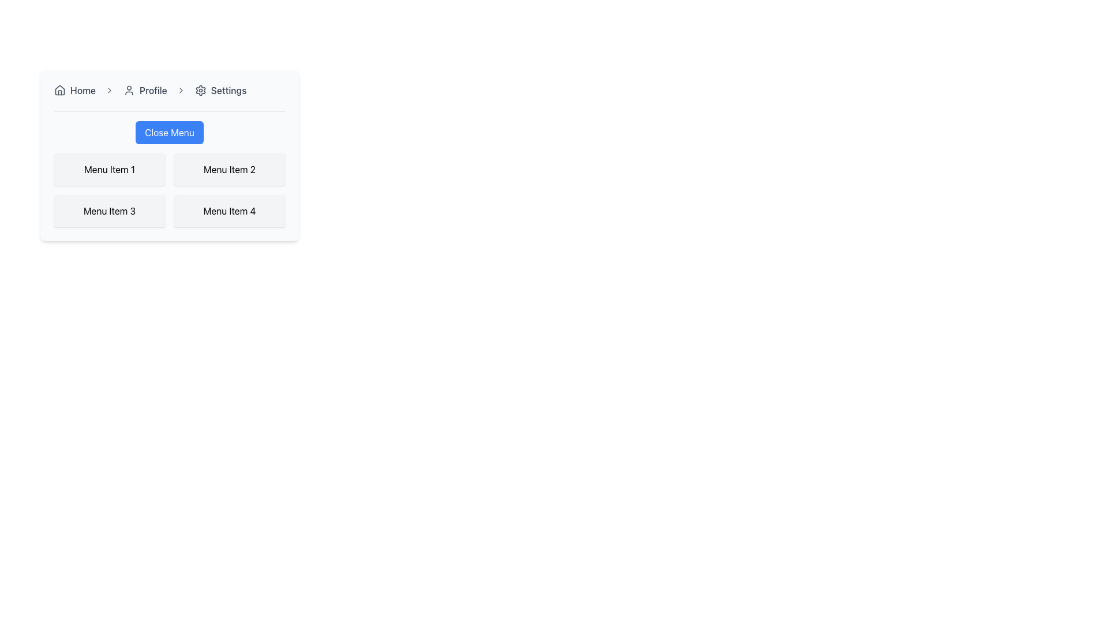  What do you see at coordinates (180, 90) in the screenshot?
I see `the third right-facing chevron icon in the breadcrumb navigation bar, which is positioned between 'Profile' and 'Settings'` at bounding box center [180, 90].